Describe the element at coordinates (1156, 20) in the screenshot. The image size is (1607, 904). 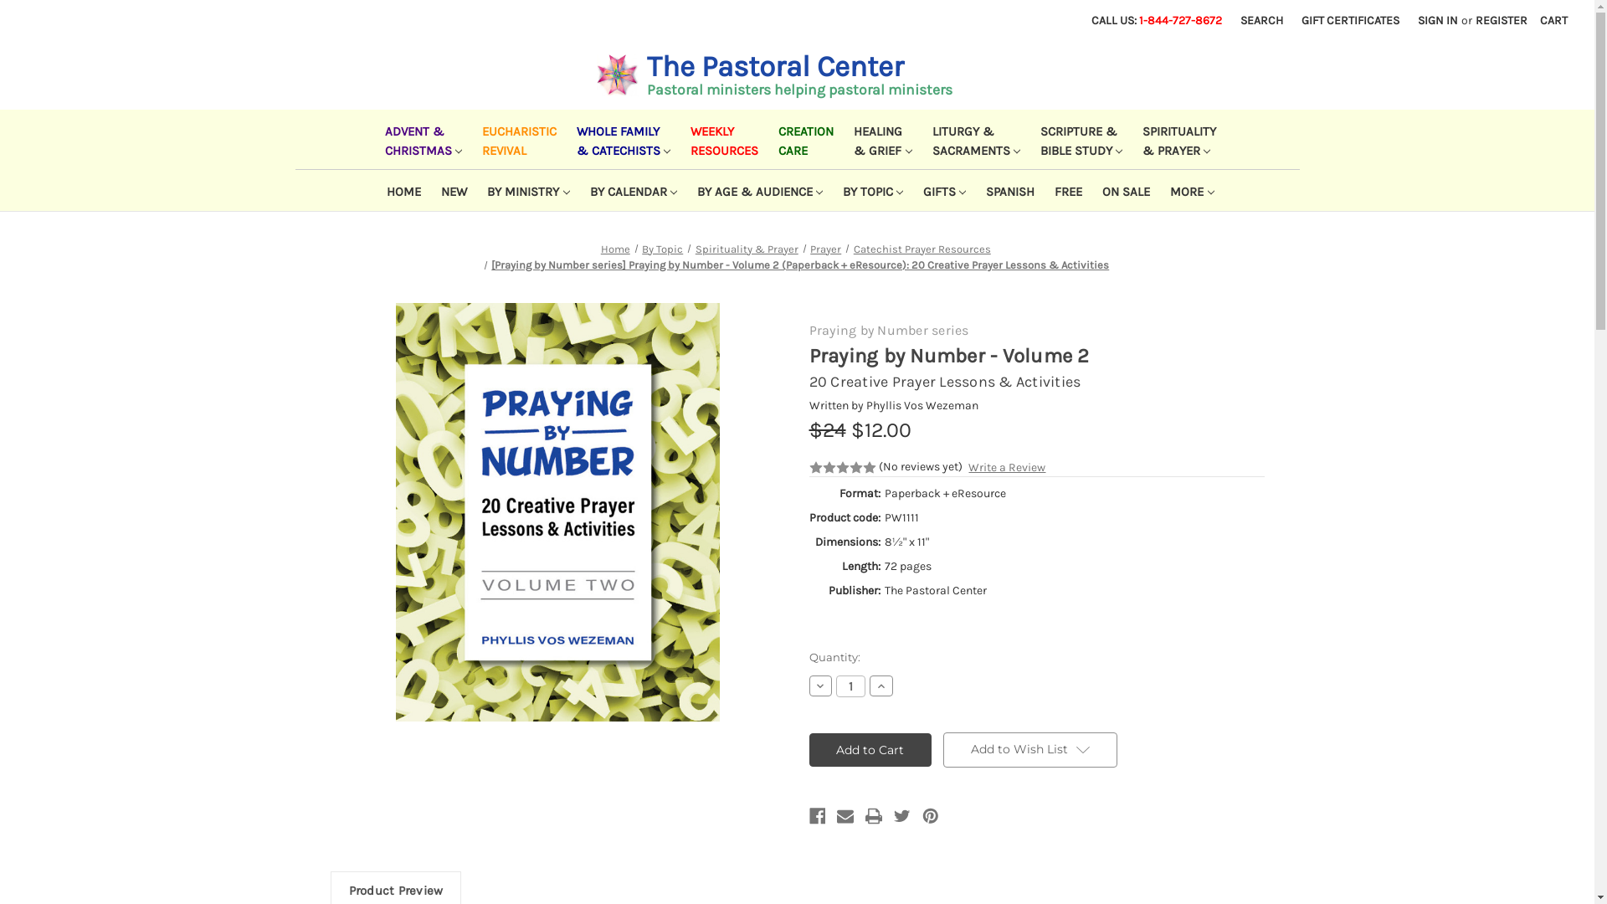
I see `'CALL US: 1-844-727-8672'` at that location.